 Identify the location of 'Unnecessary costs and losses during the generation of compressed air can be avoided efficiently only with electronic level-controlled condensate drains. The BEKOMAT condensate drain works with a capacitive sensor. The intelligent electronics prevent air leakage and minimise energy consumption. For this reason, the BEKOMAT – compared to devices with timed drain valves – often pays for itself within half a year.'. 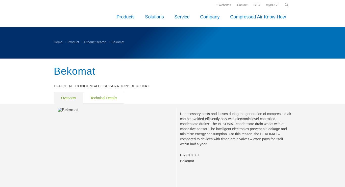
(235, 129).